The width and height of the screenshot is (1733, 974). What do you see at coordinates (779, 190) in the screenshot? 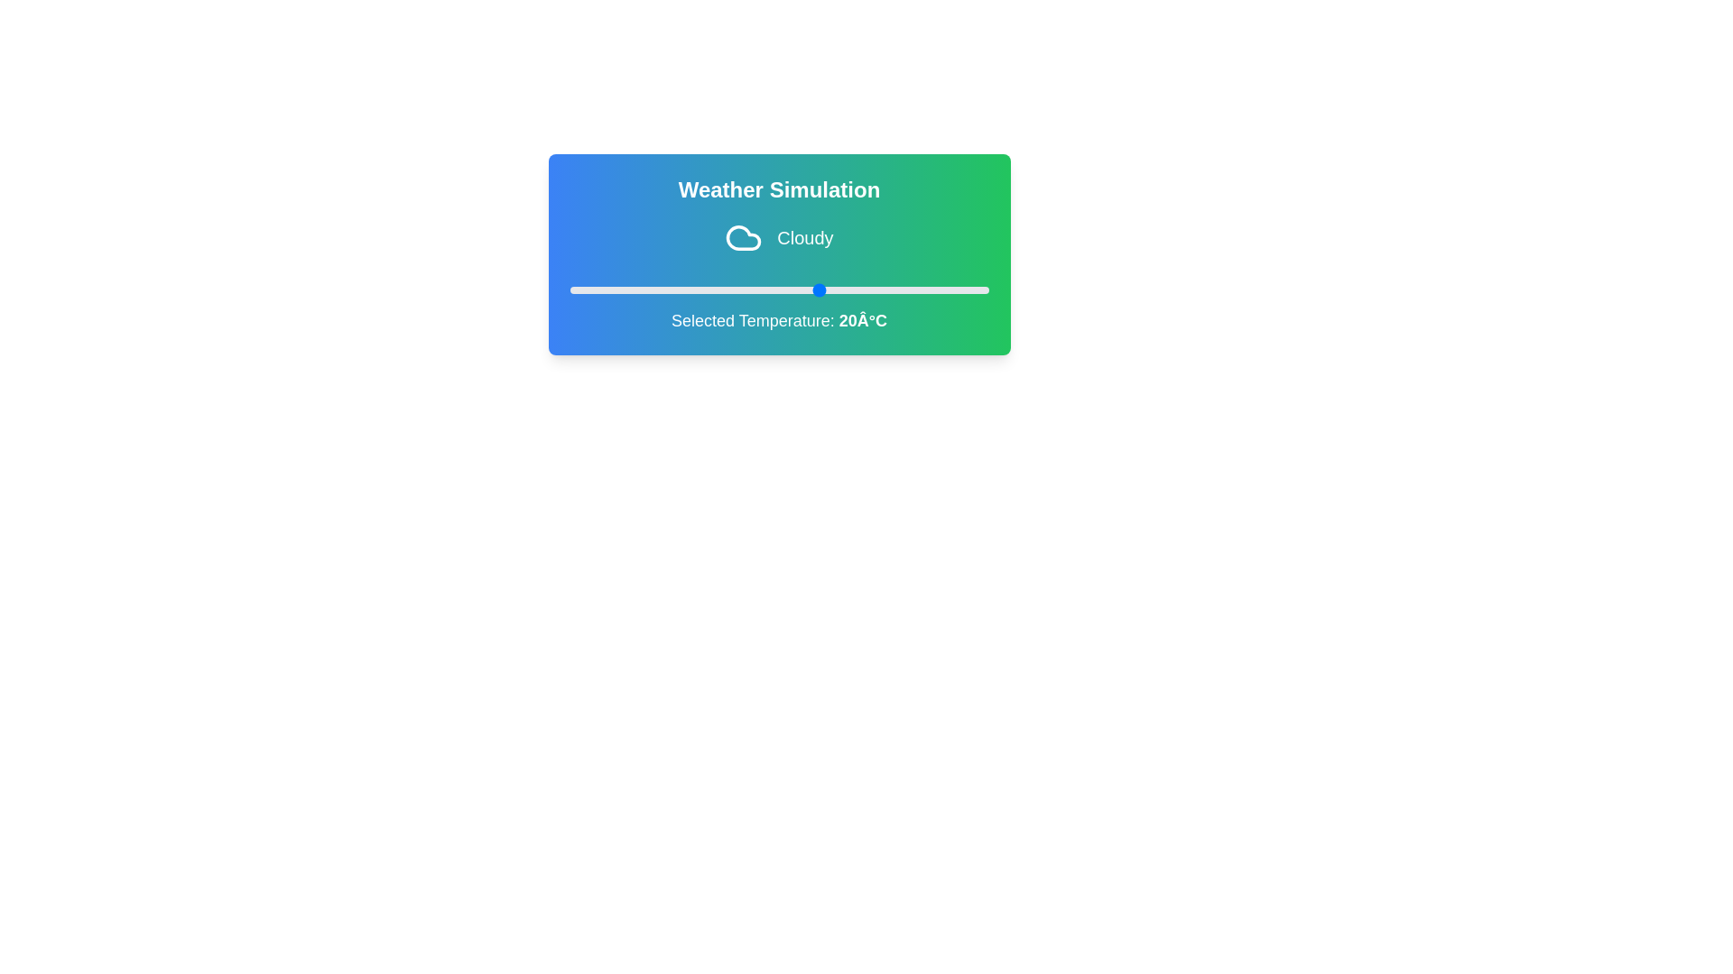
I see `the text label at the top of the weather simulation card, which summarizes the content clearly and concisely` at bounding box center [779, 190].